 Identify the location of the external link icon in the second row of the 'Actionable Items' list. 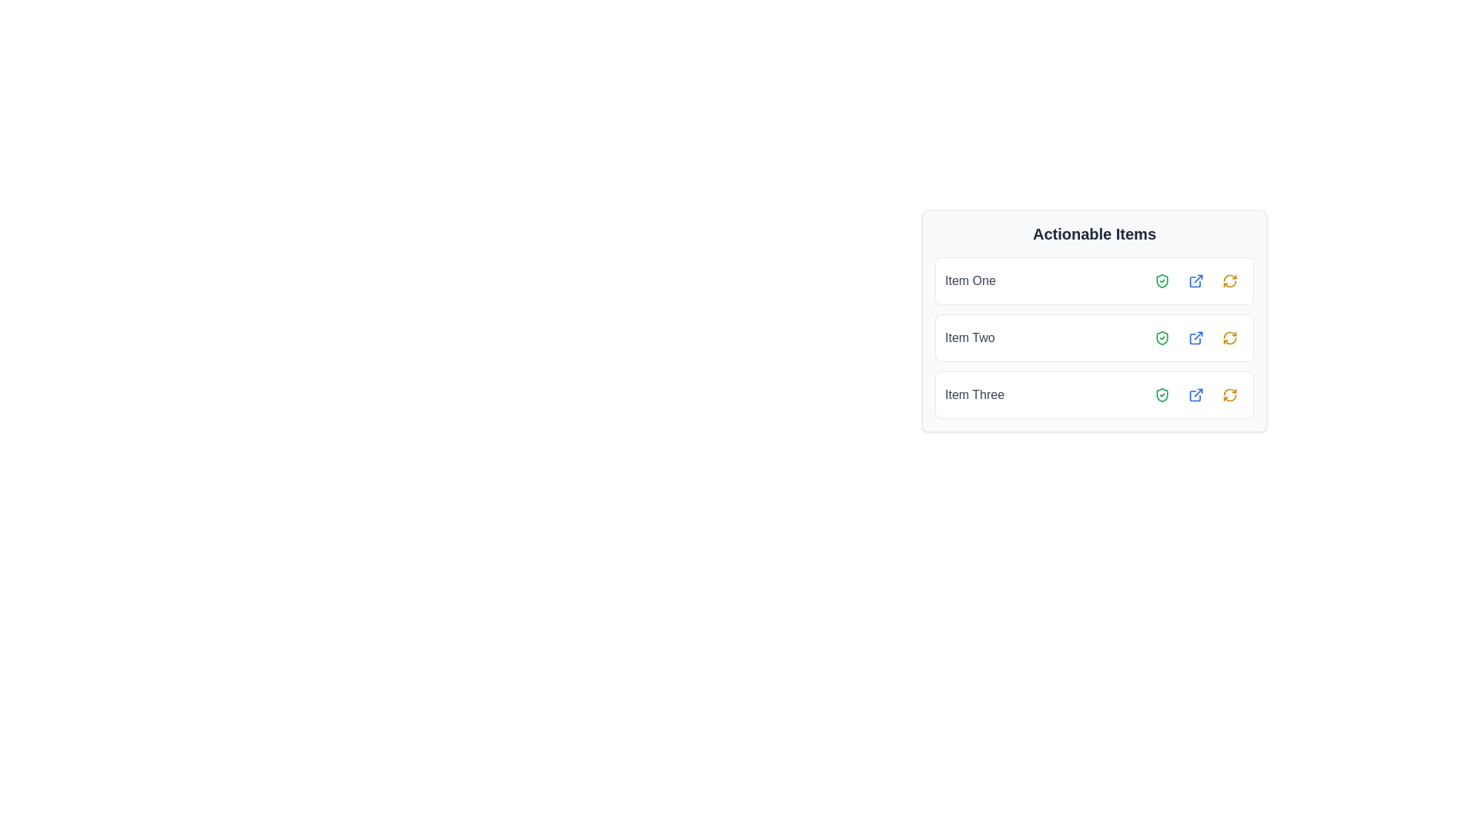
(1196, 337).